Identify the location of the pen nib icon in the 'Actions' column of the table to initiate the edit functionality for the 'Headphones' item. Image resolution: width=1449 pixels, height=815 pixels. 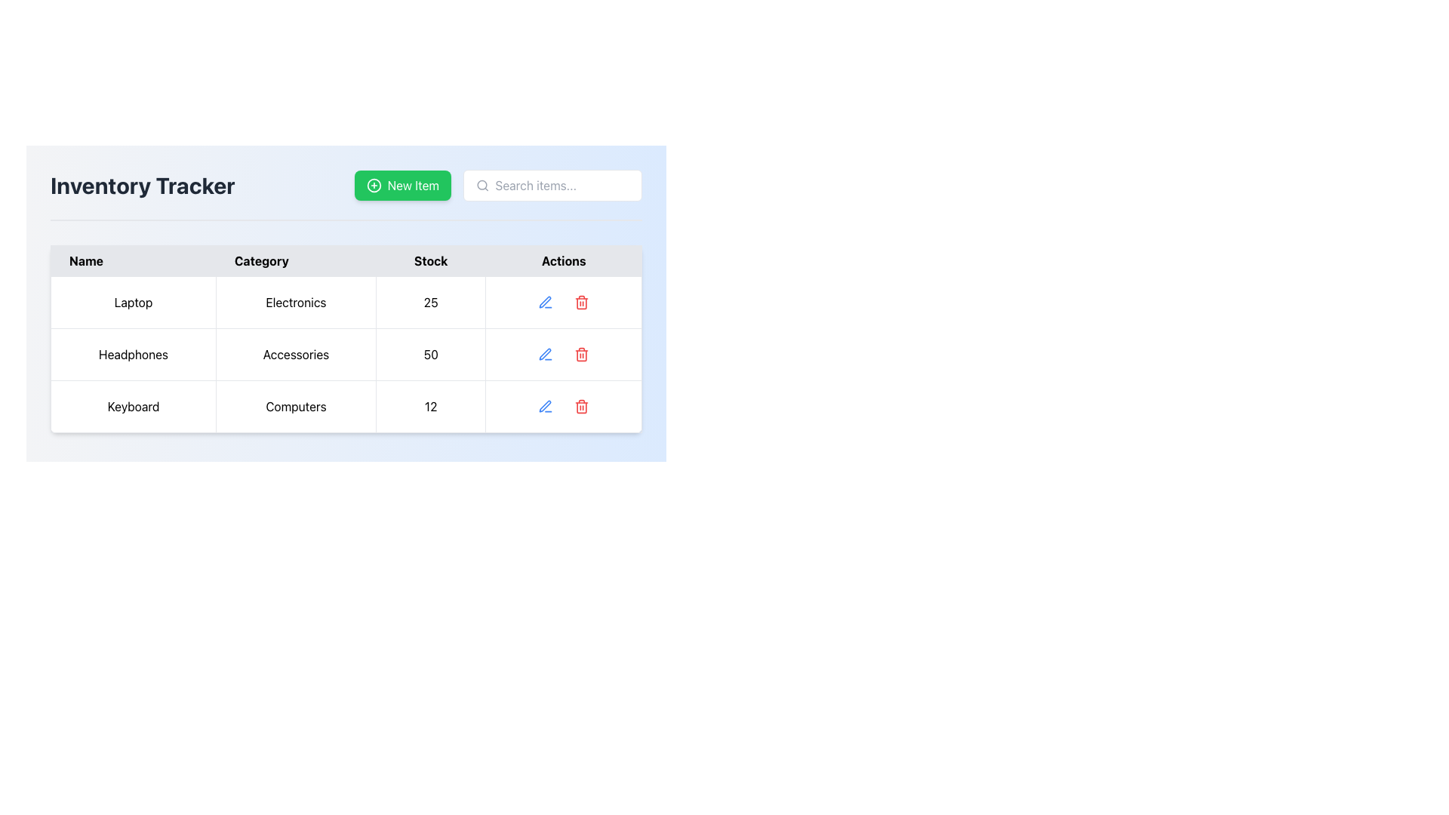
(545, 355).